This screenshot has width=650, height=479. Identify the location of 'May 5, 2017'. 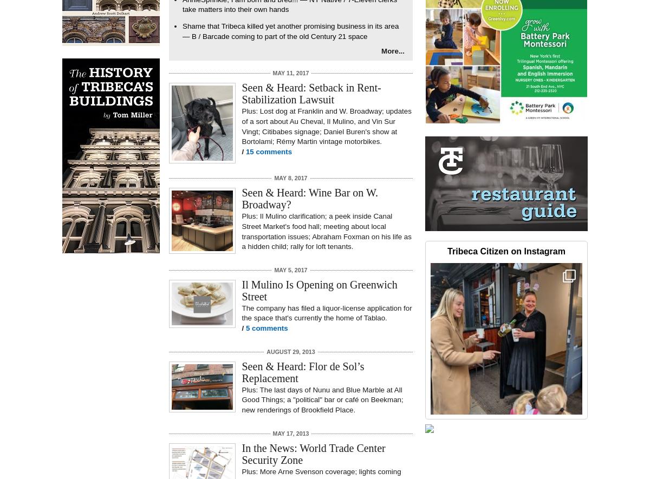
(274, 269).